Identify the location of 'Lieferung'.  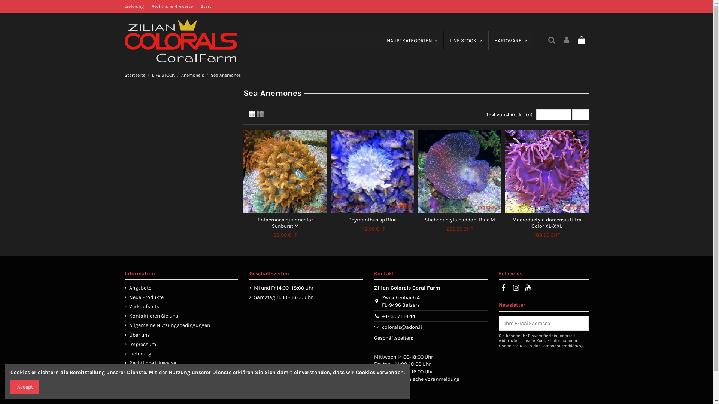
(137, 353).